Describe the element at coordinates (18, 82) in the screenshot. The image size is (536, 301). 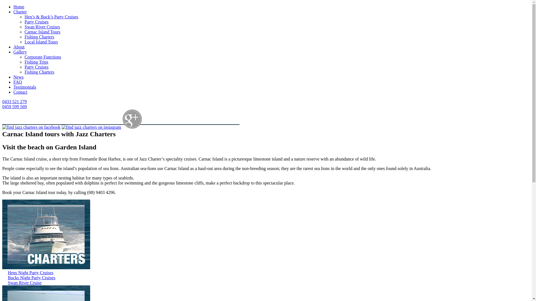
I see `'FAQ'` at that location.